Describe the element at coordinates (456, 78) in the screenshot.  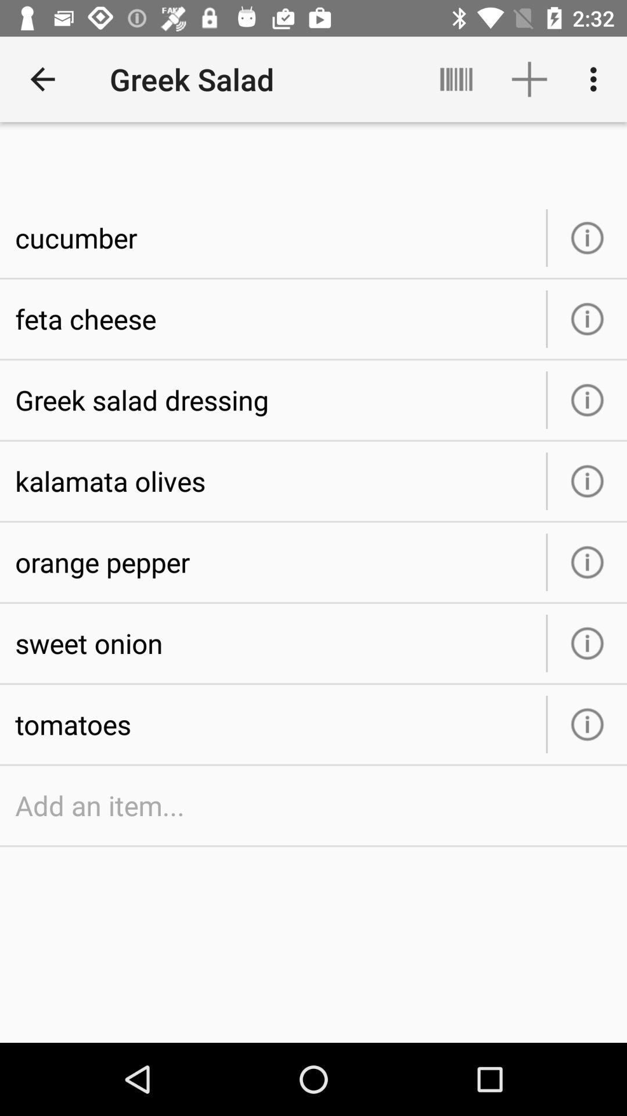
I see `item to the right of the greek salad icon` at that location.